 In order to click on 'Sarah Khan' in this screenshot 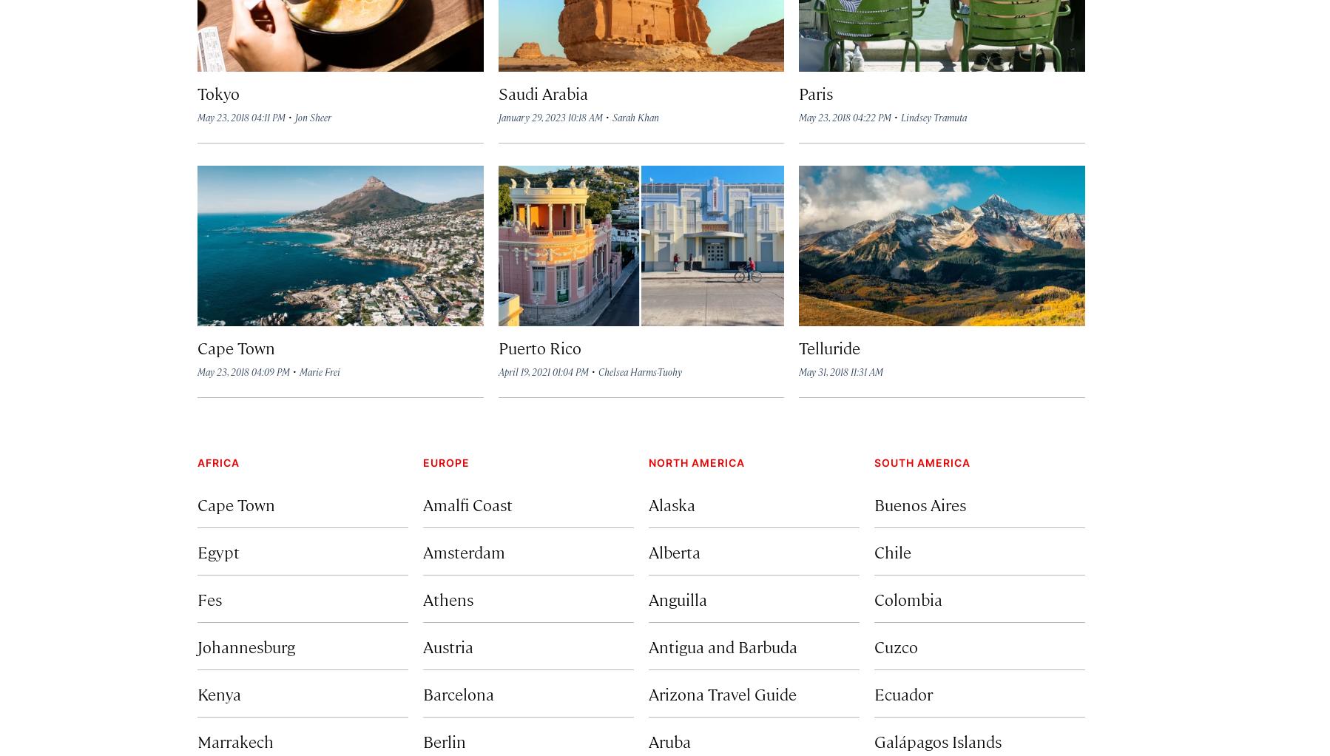, I will do `click(612, 116)`.